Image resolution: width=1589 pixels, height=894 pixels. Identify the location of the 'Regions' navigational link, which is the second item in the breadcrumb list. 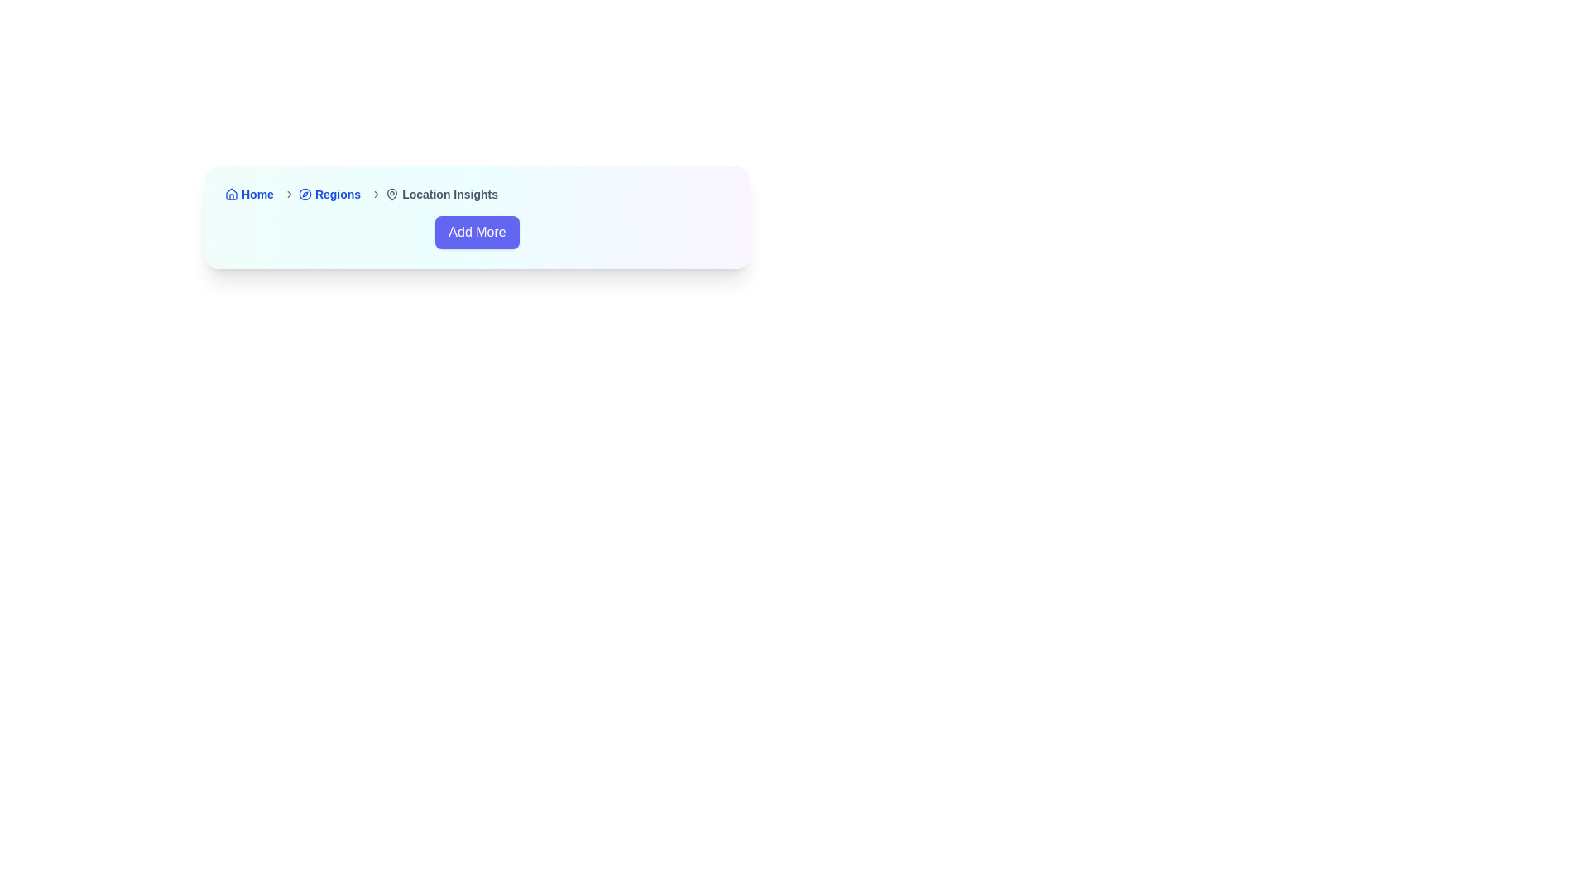
(329, 194).